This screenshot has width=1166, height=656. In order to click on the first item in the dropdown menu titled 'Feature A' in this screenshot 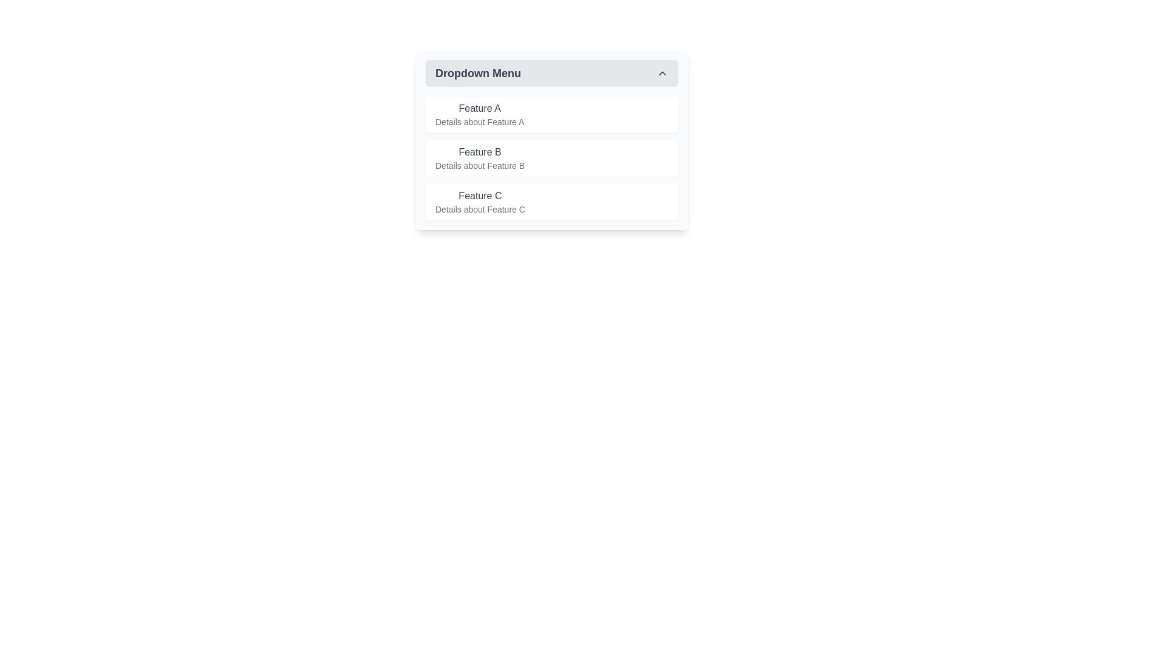, I will do `click(551, 115)`.